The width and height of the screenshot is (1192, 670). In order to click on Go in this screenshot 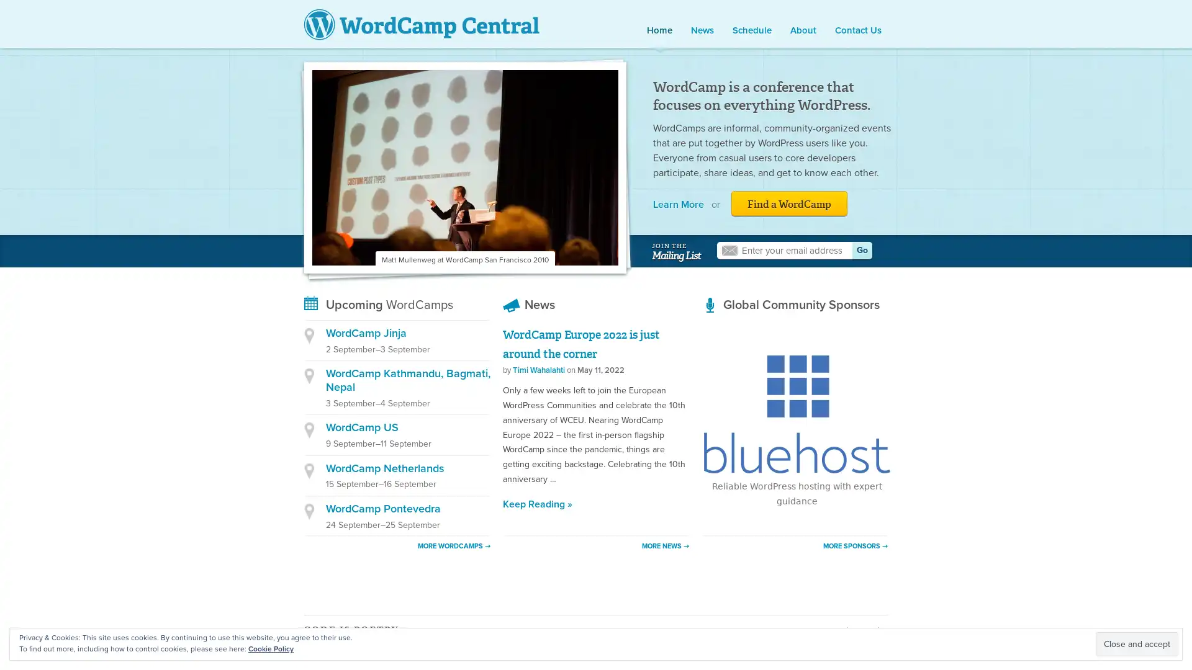, I will do `click(861, 251)`.